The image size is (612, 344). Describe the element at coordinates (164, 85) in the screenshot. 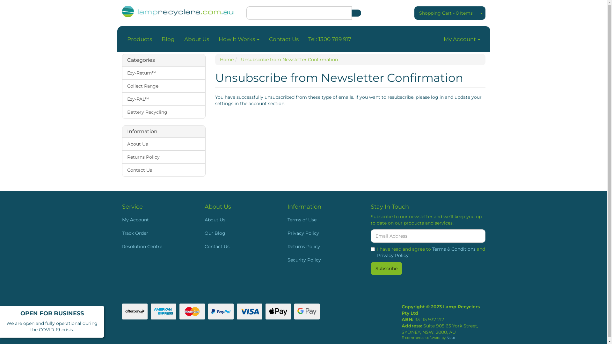

I see `'Collect Range'` at that location.